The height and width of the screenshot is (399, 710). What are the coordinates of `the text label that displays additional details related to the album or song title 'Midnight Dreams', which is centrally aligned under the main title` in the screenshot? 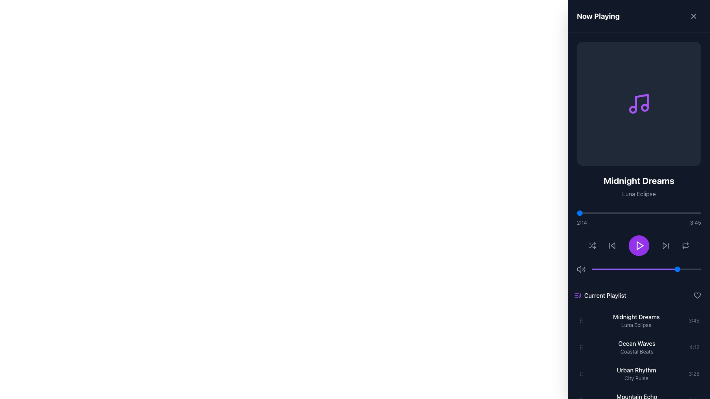 It's located at (639, 193).